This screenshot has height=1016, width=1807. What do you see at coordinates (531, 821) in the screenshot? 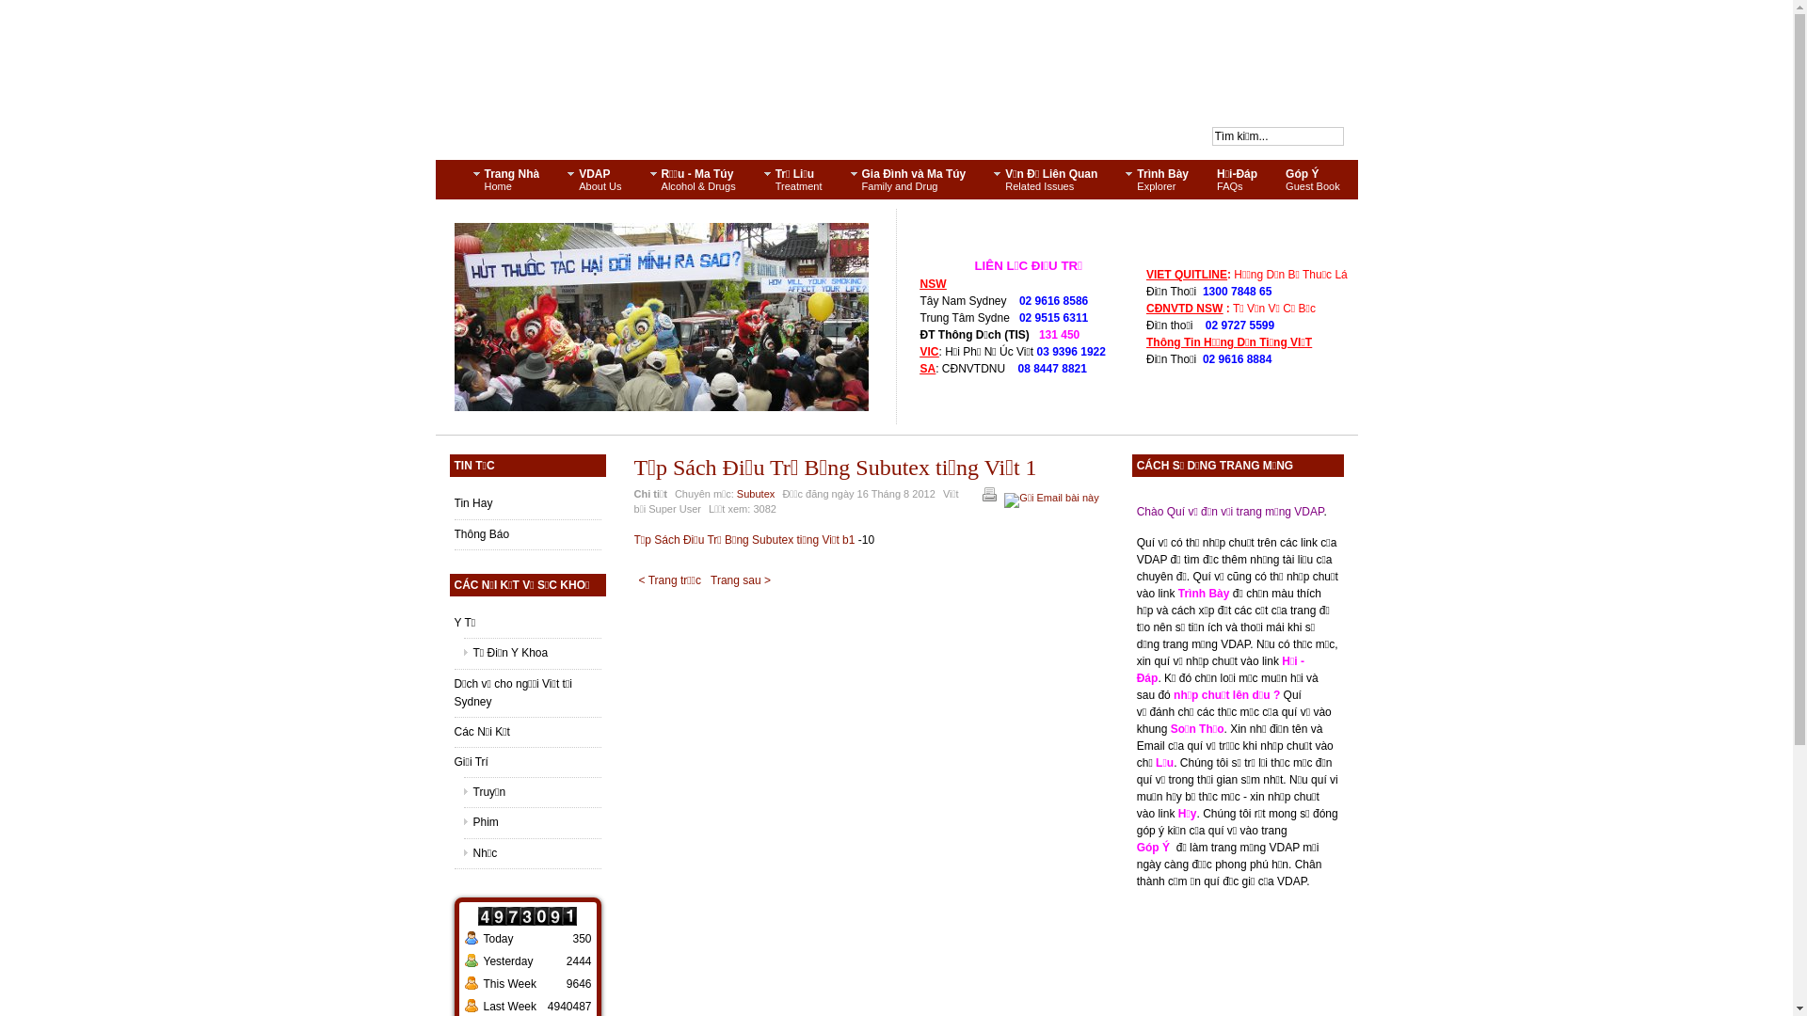
I see `'Phim'` at bounding box center [531, 821].